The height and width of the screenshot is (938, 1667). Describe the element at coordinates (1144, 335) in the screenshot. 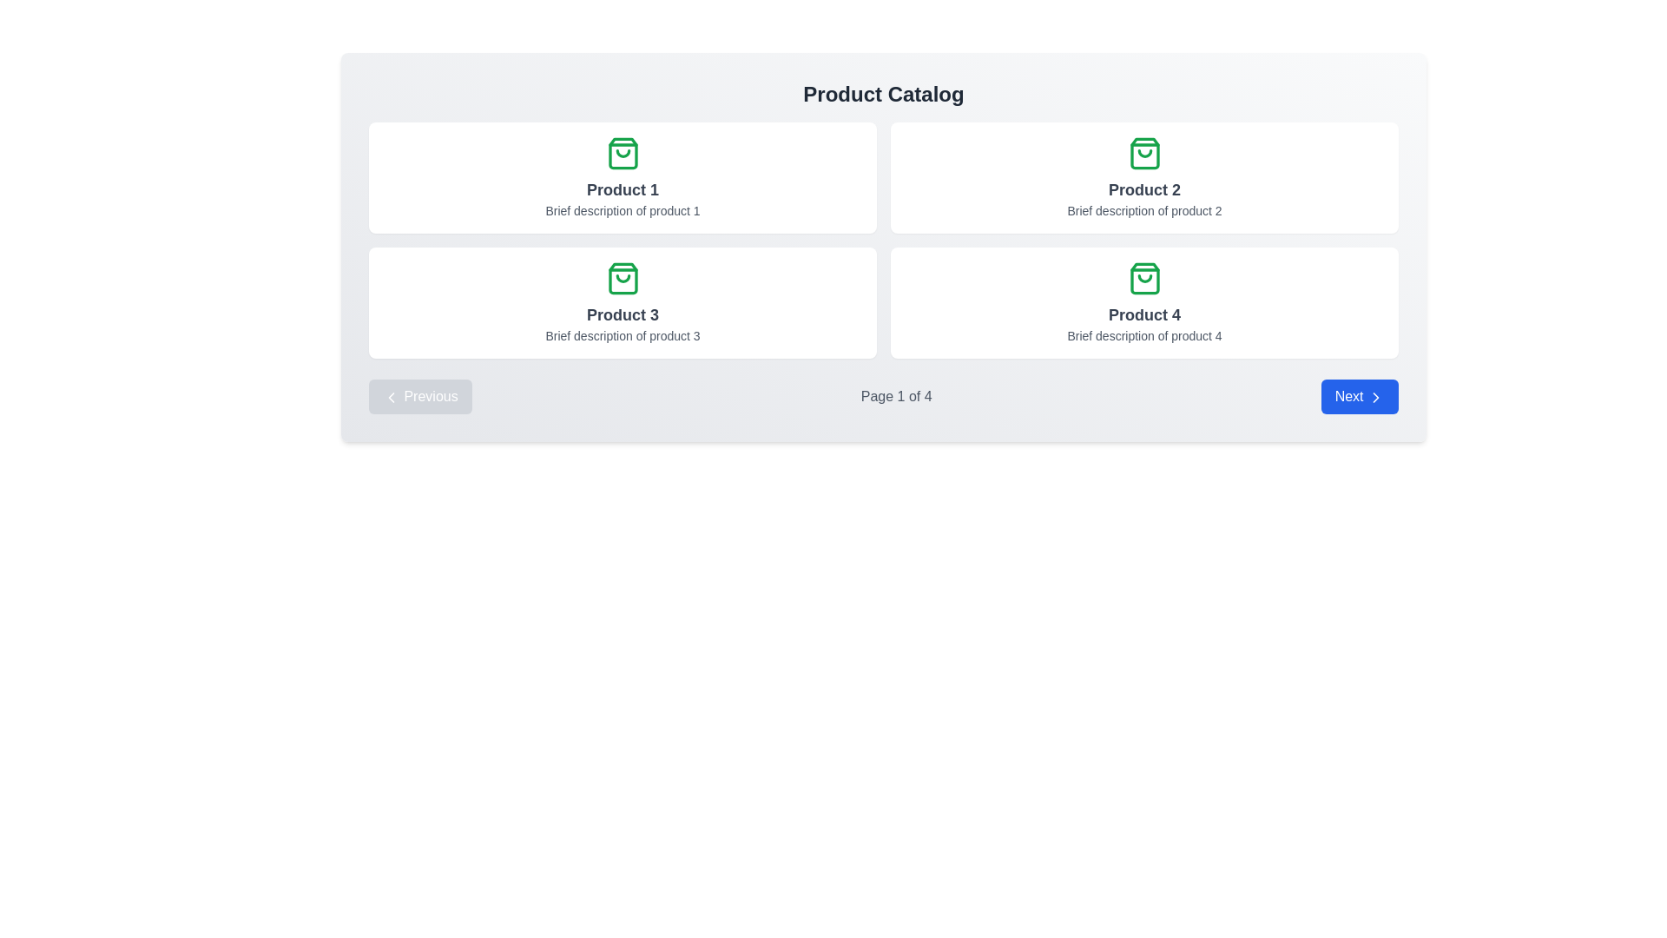

I see `properties of the text label displaying 'Brief description of product 4', which is located directly beneath the title 'Product 4' in the fourth product display card` at that location.